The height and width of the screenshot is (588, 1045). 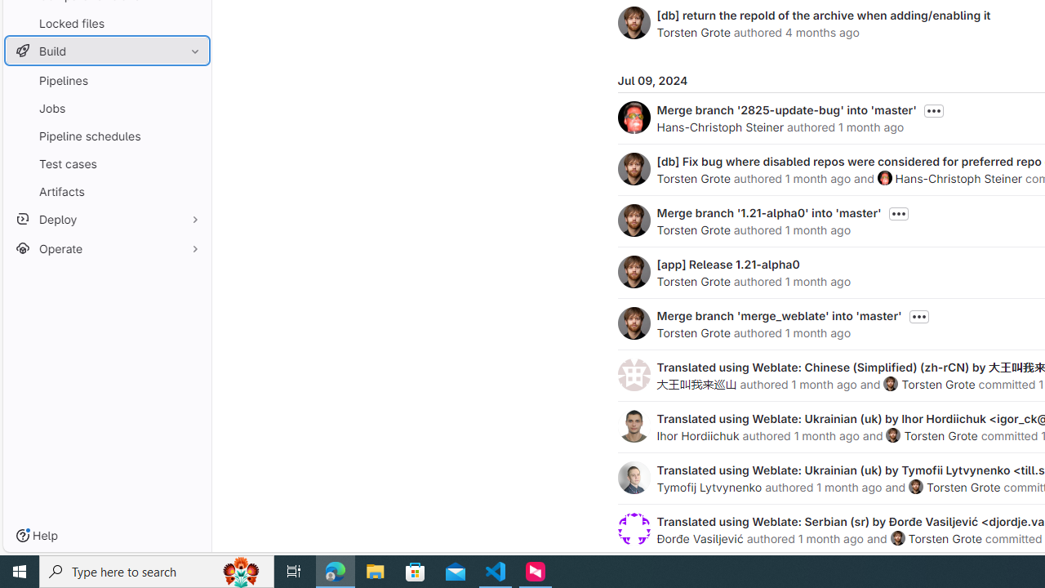 I want to click on 'Ihor Hordiichuk', so click(x=633, y=425).